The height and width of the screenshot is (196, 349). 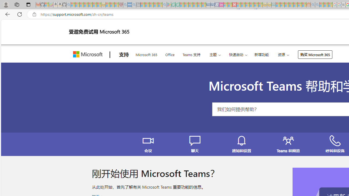 I want to click on 'Local - MSN - Sleeping', so click(x=116, y=5).